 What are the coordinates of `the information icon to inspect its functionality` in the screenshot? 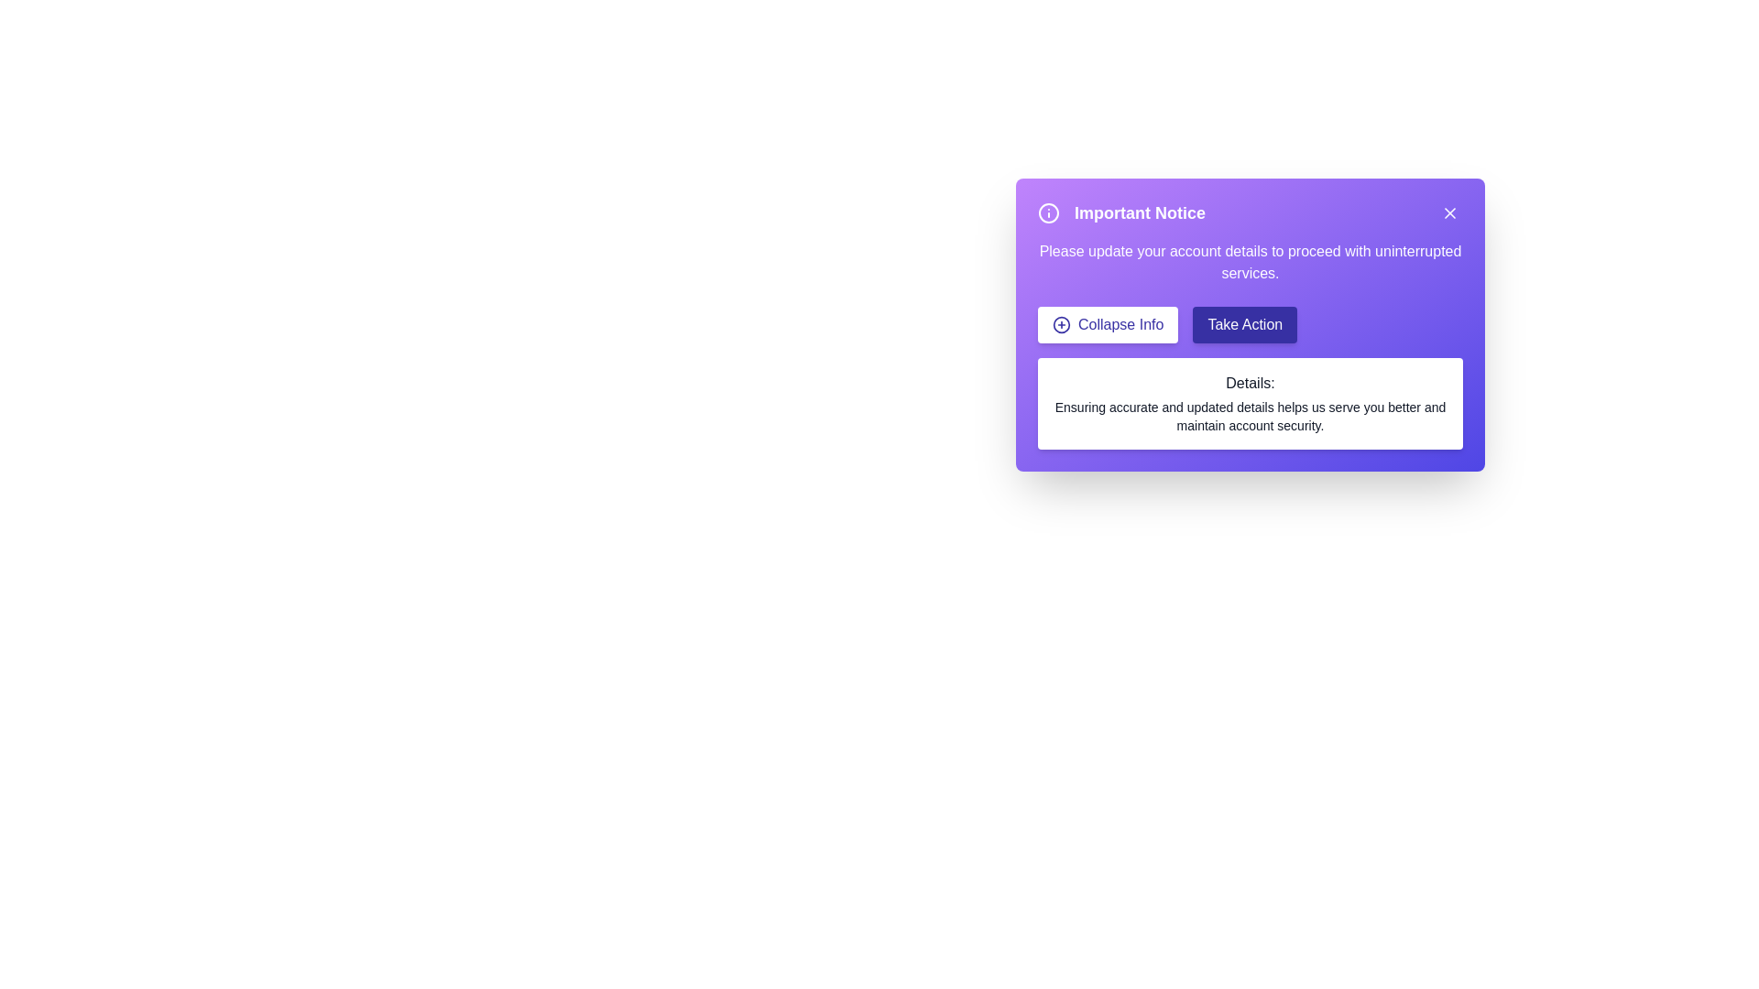 It's located at (1049, 212).